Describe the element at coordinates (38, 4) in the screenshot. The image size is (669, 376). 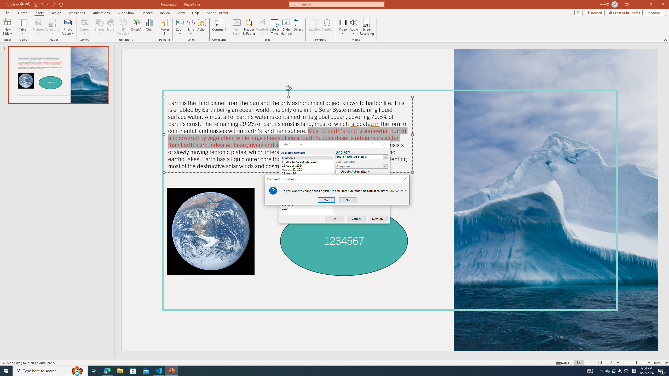
I see `'Quick Access Toolbar'` at that location.